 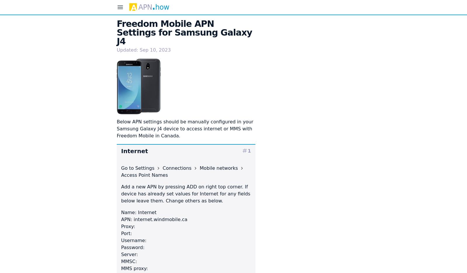 I want to click on 'MMSC:', so click(x=121, y=261).